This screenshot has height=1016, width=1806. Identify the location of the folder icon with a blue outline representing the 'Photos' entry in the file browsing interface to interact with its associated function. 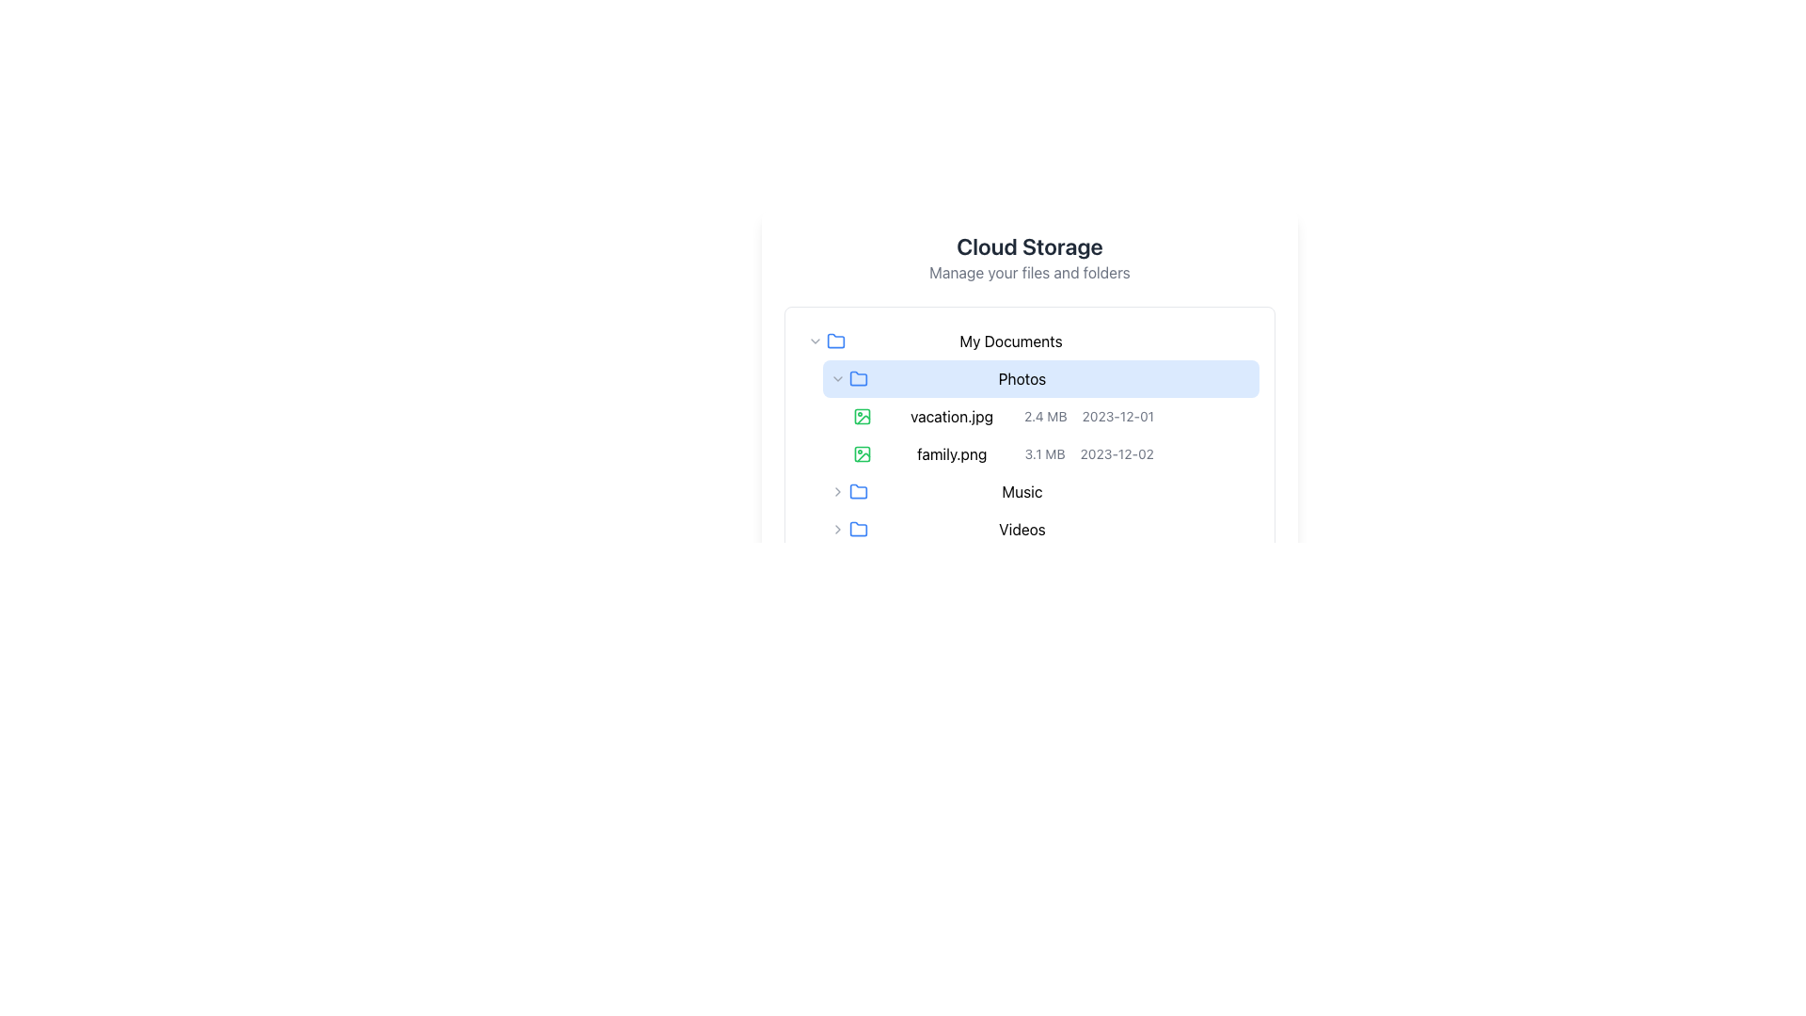
(834, 341).